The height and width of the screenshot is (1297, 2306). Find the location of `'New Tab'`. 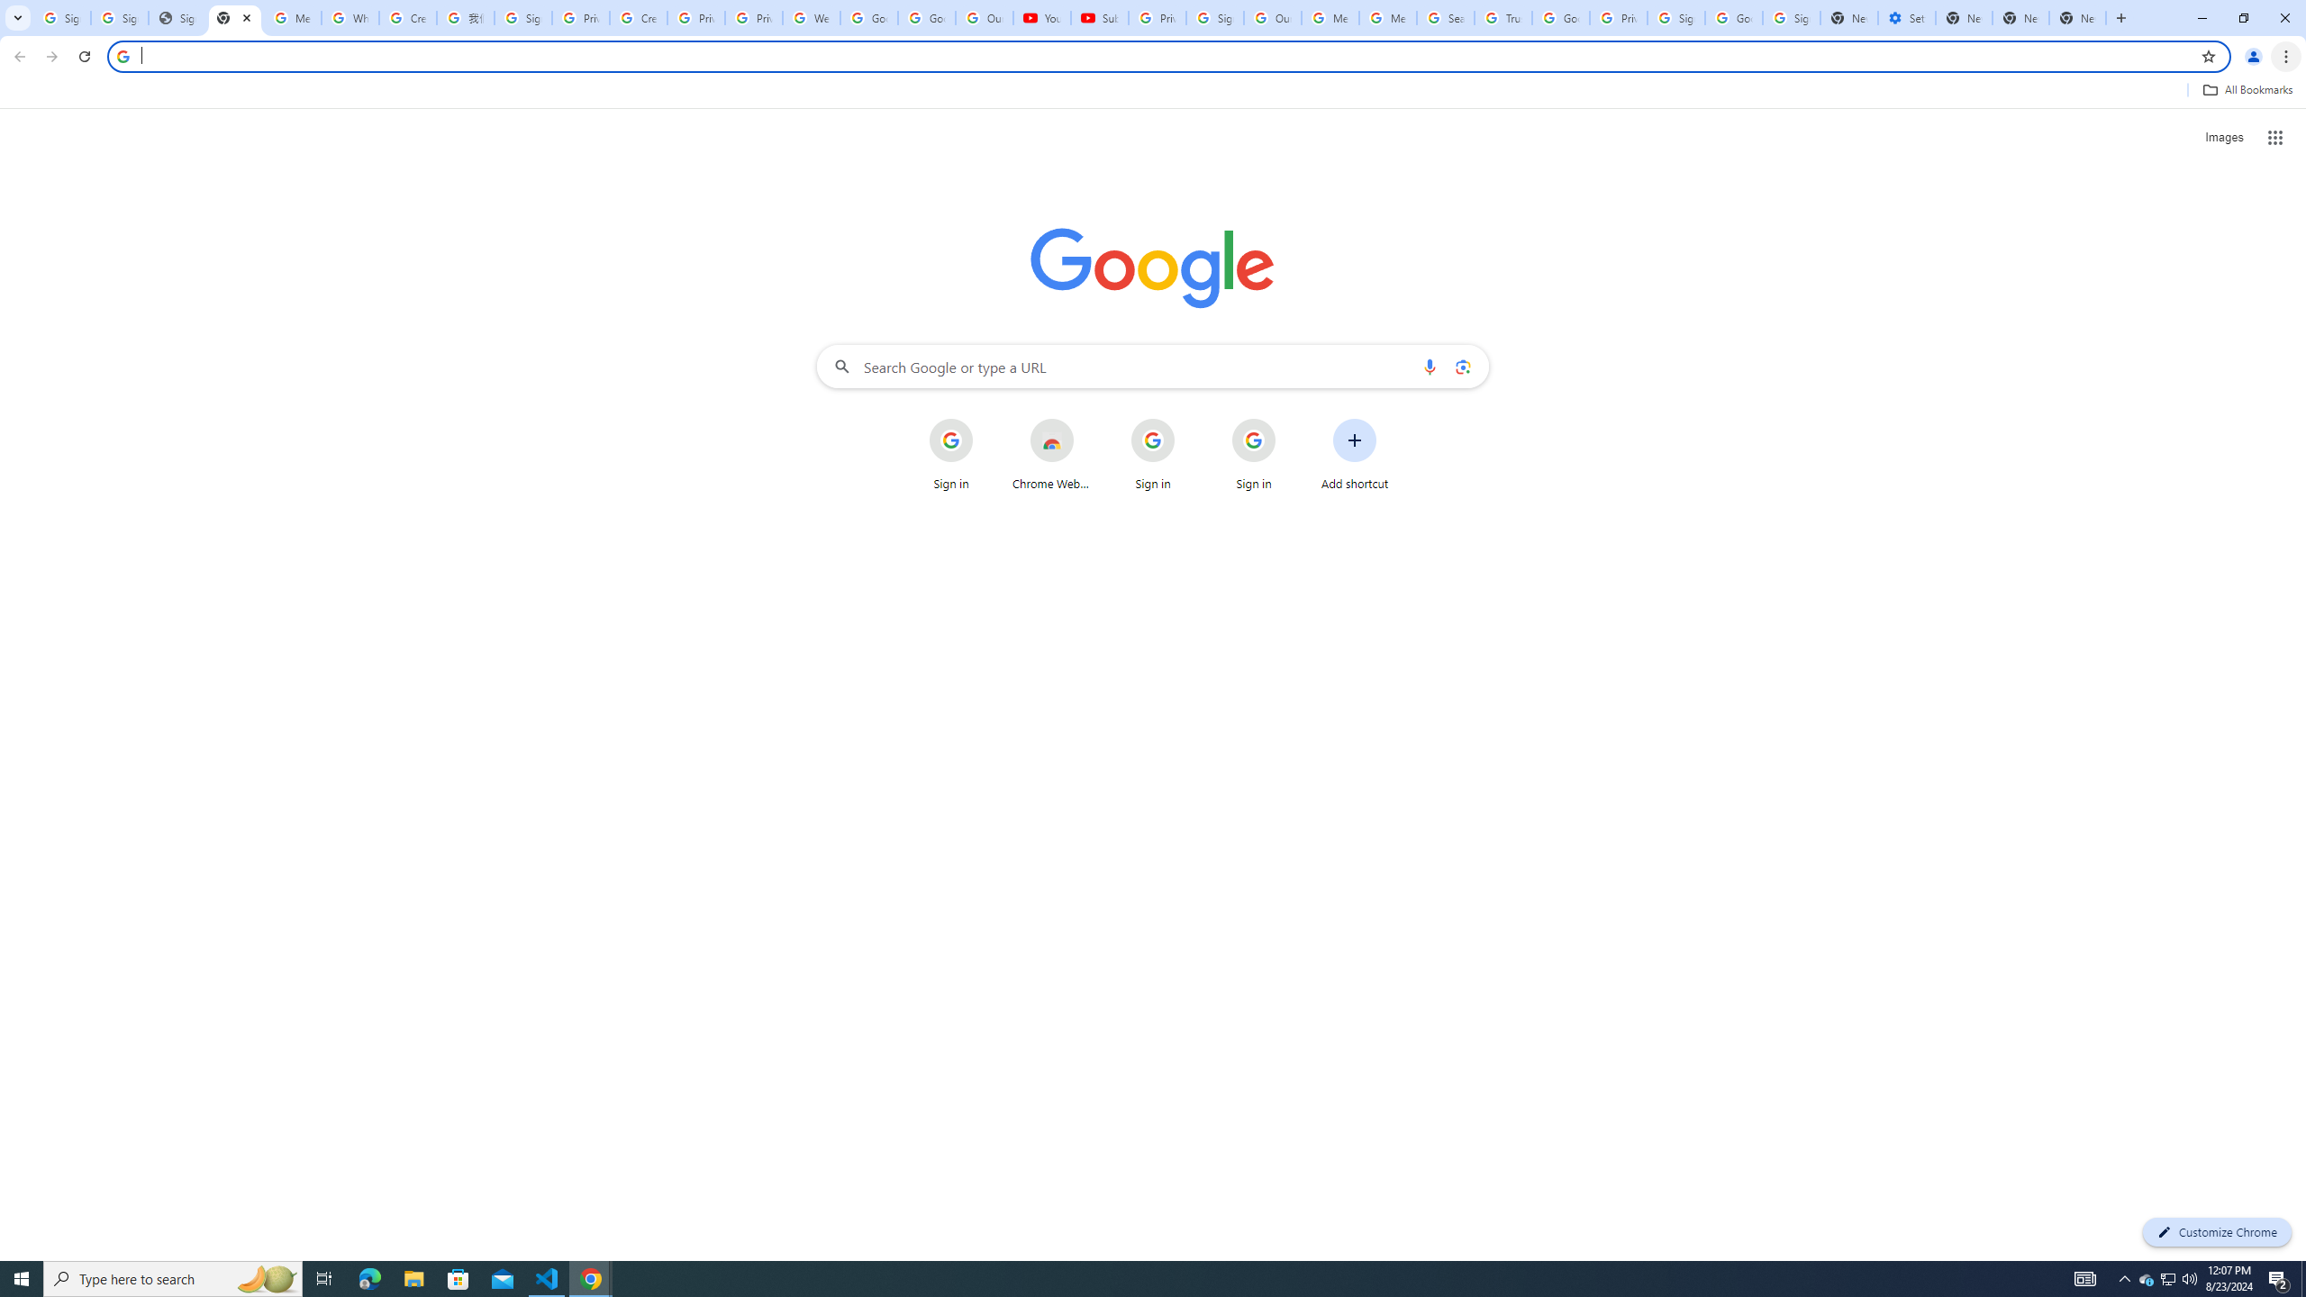

'New Tab' is located at coordinates (2077, 17).